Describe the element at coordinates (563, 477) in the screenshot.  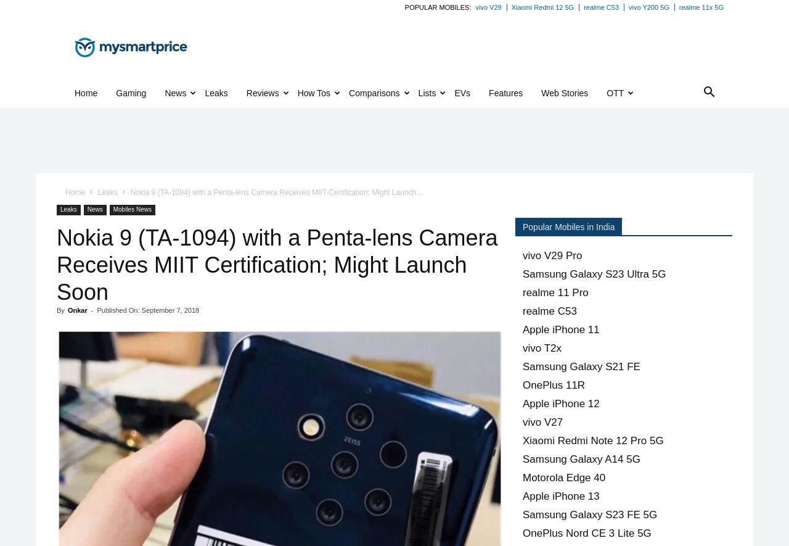
I see `'Motorola Edge 40'` at that location.